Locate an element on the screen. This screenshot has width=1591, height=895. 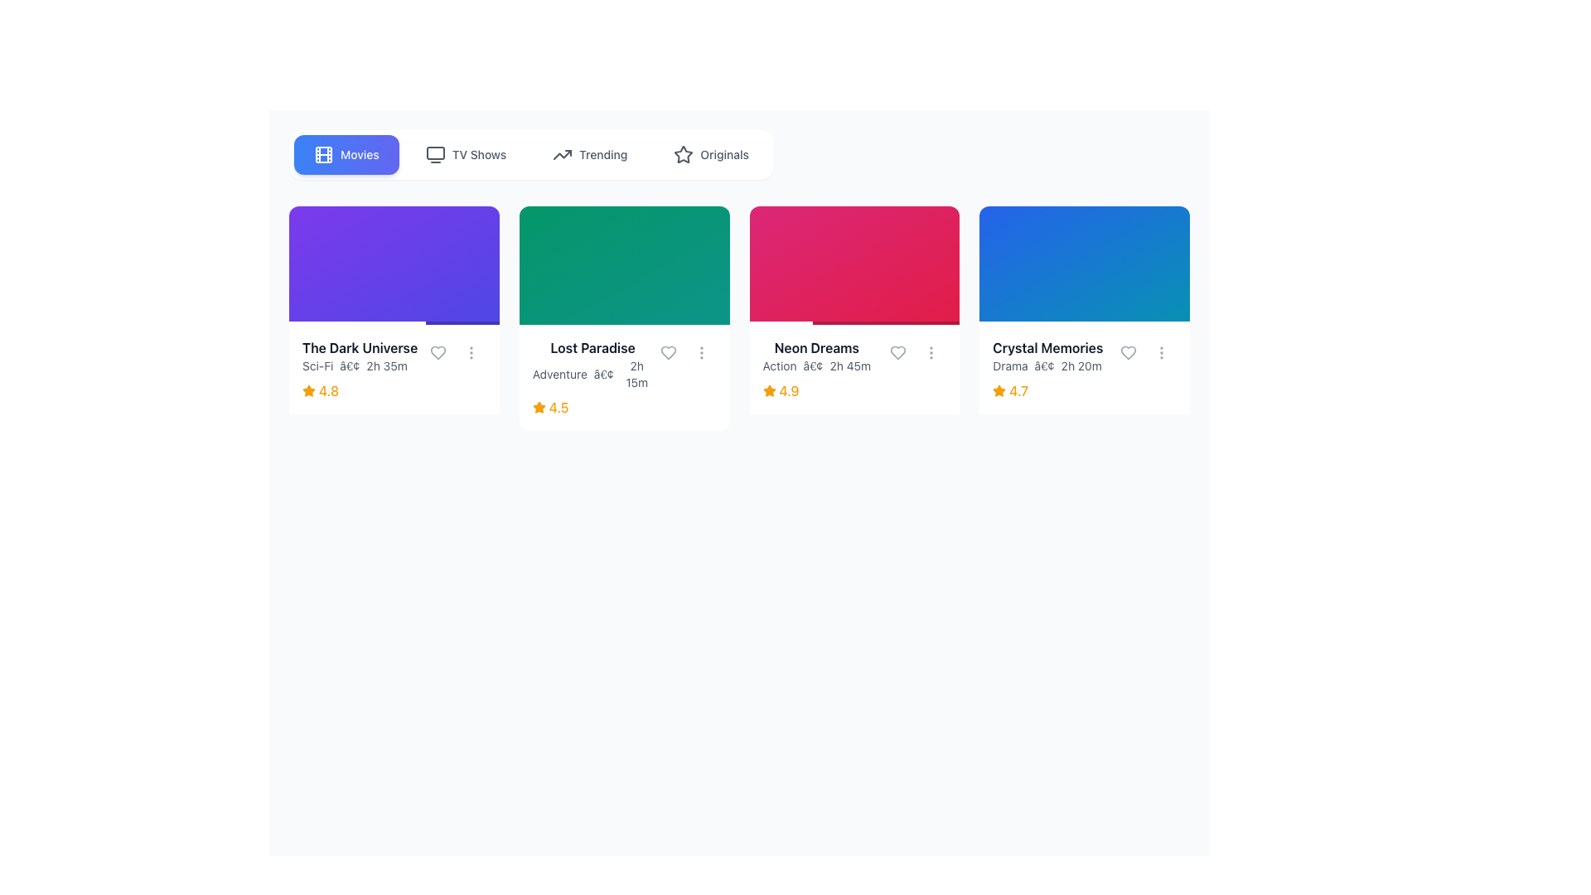
the third button in the horizontal list at the top of the interface is located at coordinates (590, 154).